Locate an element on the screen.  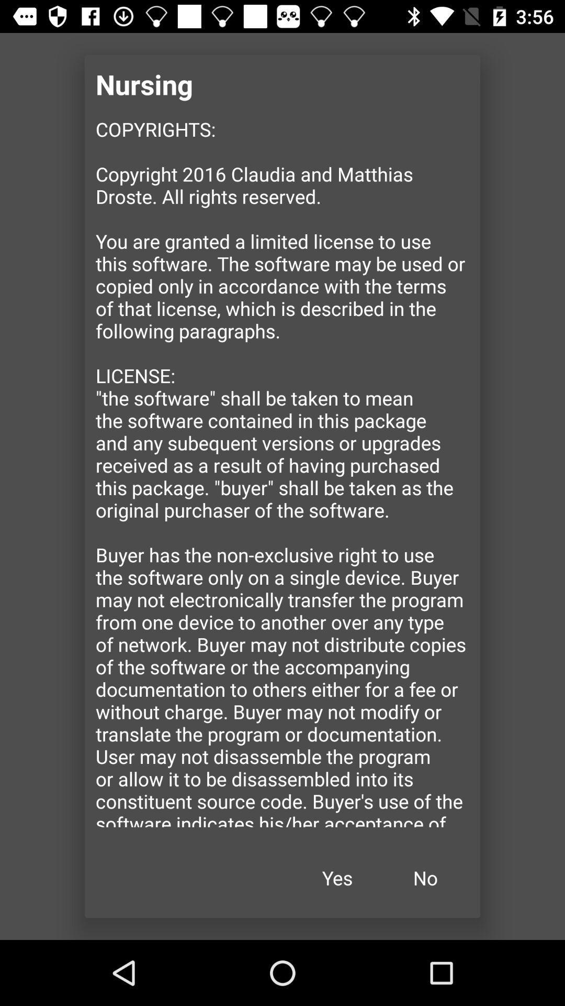
item next to no is located at coordinates (337, 878).